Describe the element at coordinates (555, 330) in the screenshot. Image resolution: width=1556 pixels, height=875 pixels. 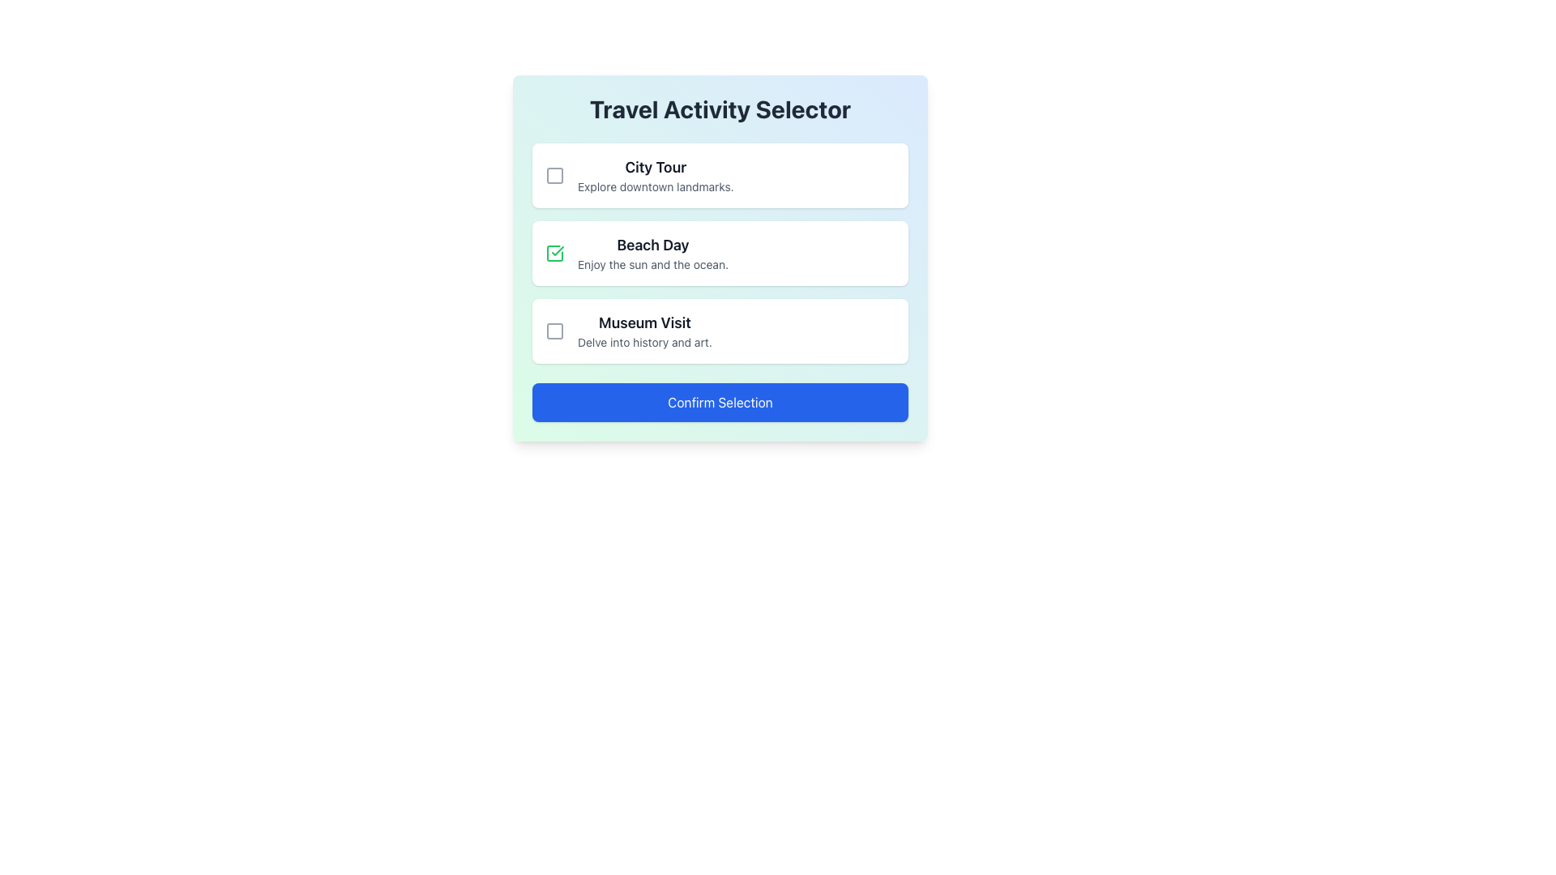
I see `the checkbox for 'Museum Visit'` at that location.